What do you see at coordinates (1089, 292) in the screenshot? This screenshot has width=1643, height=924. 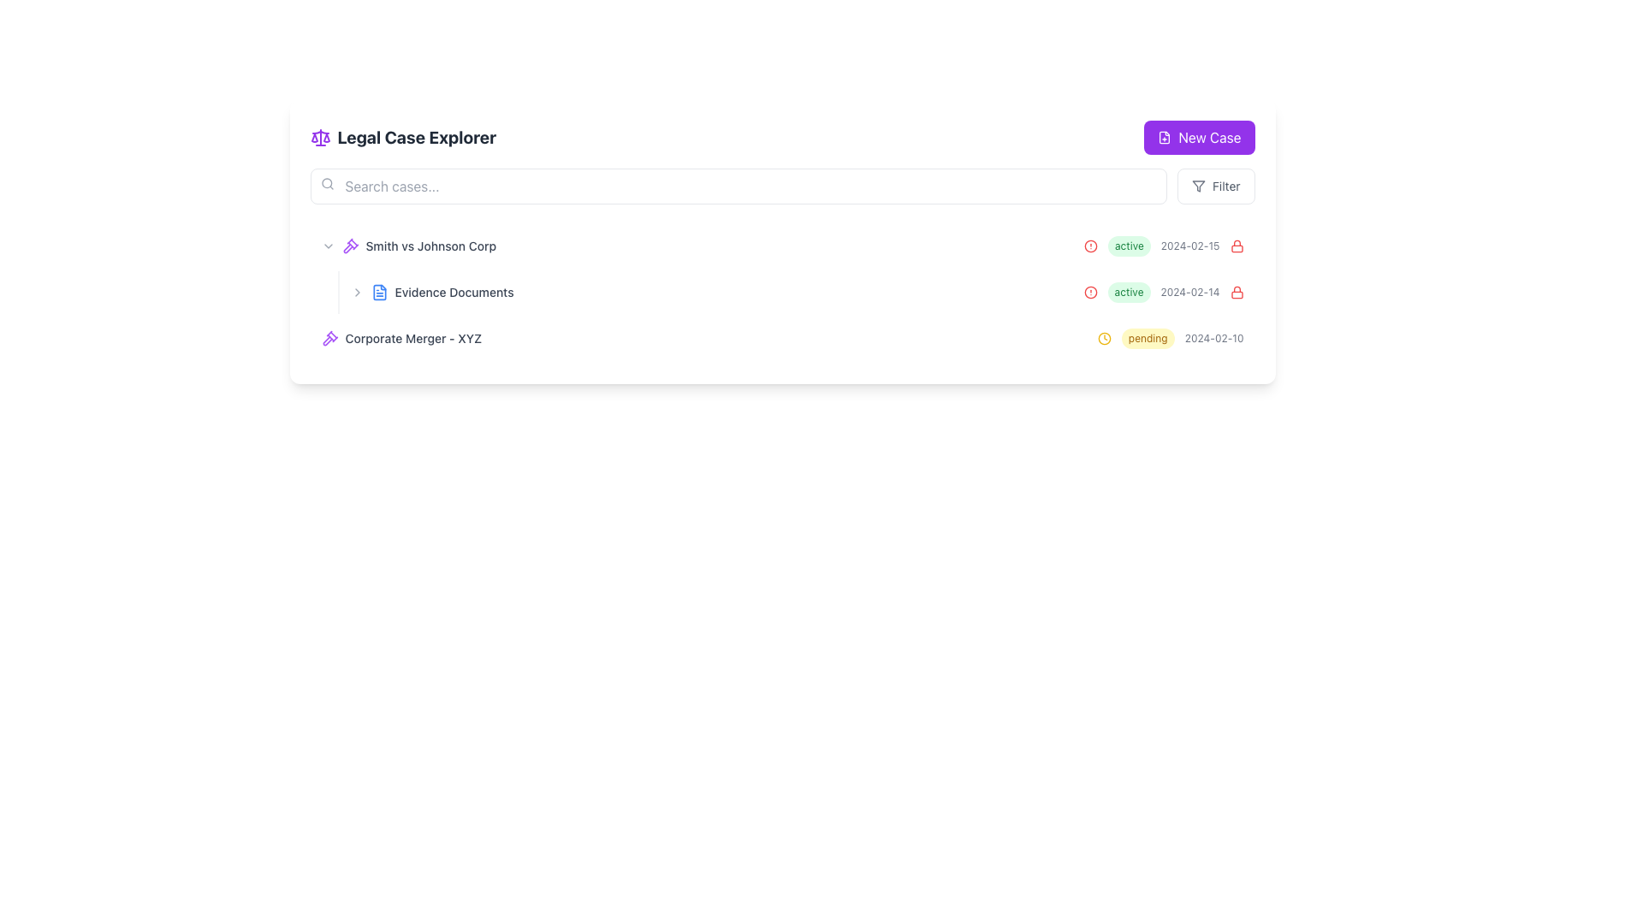 I see `the visual alert icon located in the active row of the list entry marked with the date '2024-02-14', which is positioned to the left of the word 'active'` at bounding box center [1089, 292].